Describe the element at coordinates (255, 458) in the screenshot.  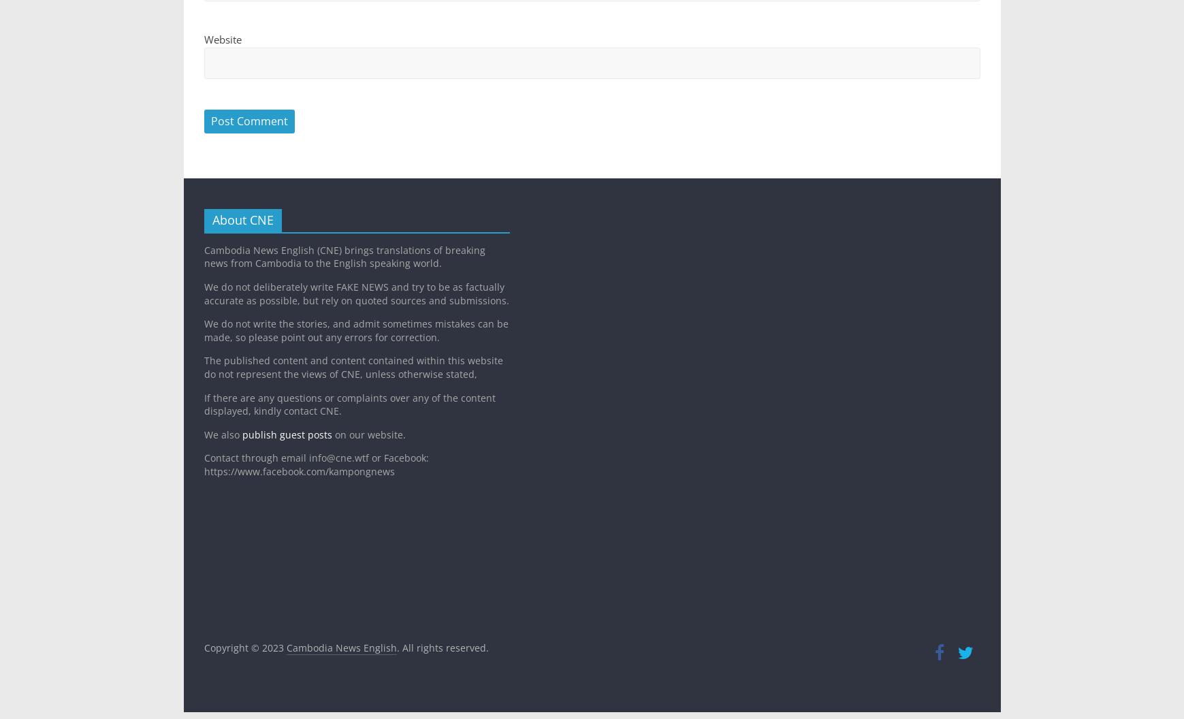
I see `'Contact through email'` at that location.